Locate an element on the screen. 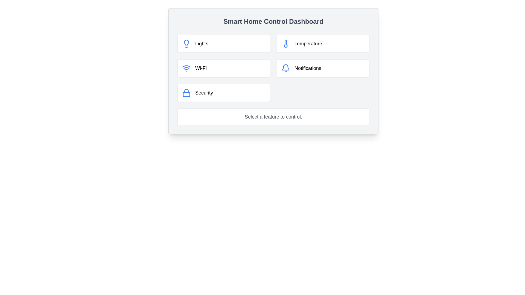 The image size is (525, 295). the blue bell icon located within the 'Notifications' card, positioned to the left of the 'Notifications' text label is located at coordinates (285, 68).